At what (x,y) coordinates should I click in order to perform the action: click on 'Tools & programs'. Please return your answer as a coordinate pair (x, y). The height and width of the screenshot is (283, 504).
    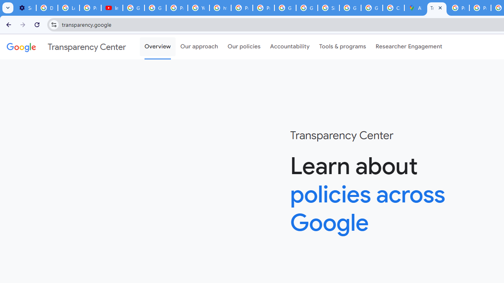
    Looking at the image, I should click on (342, 47).